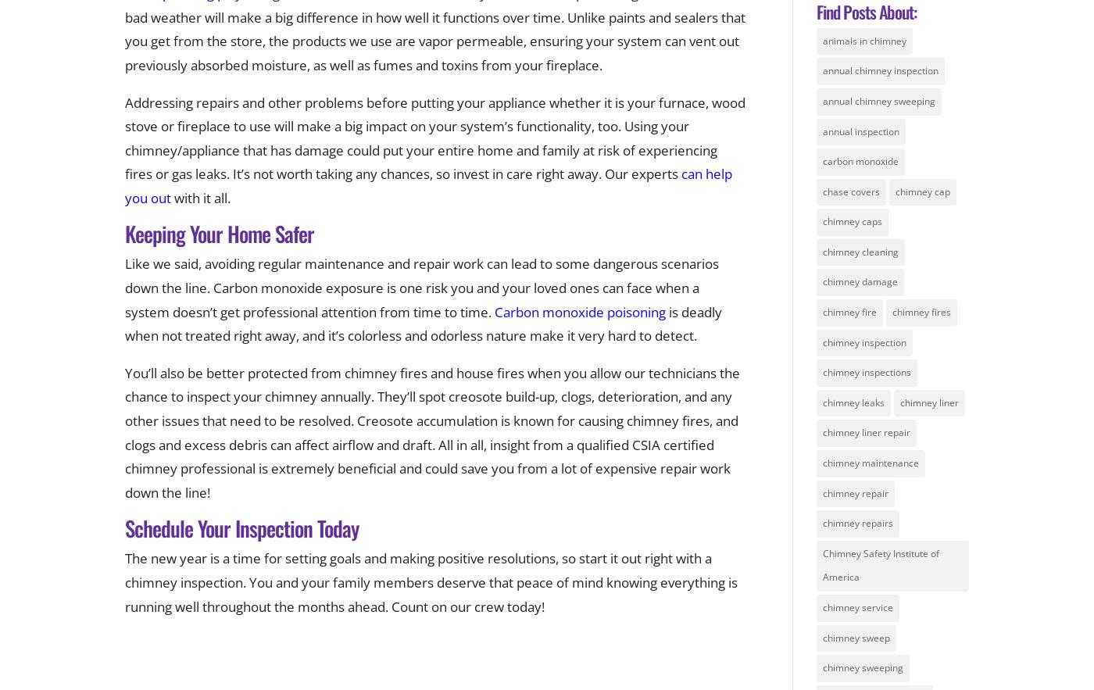  What do you see at coordinates (922, 190) in the screenshot?
I see `'chimney cap'` at bounding box center [922, 190].